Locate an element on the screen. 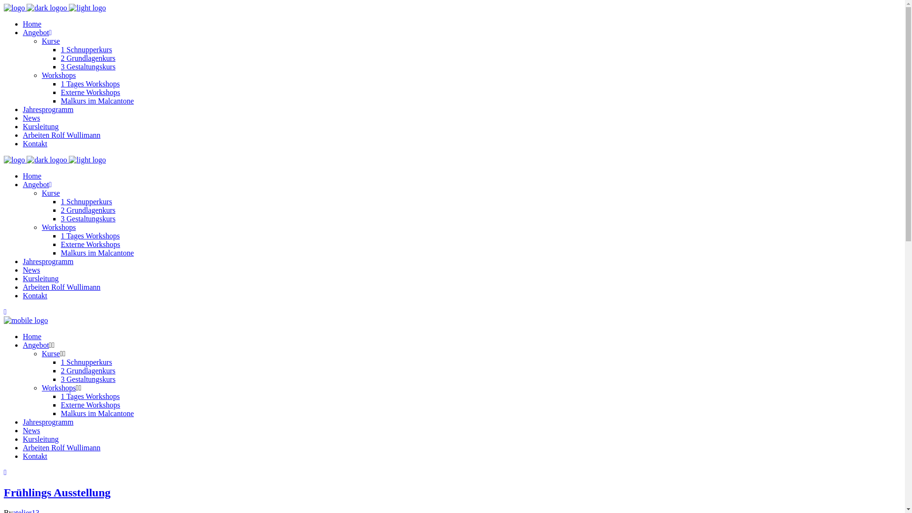 This screenshot has width=912, height=513. 'Malkurs im Malcantone' is located at coordinates (97, 252).